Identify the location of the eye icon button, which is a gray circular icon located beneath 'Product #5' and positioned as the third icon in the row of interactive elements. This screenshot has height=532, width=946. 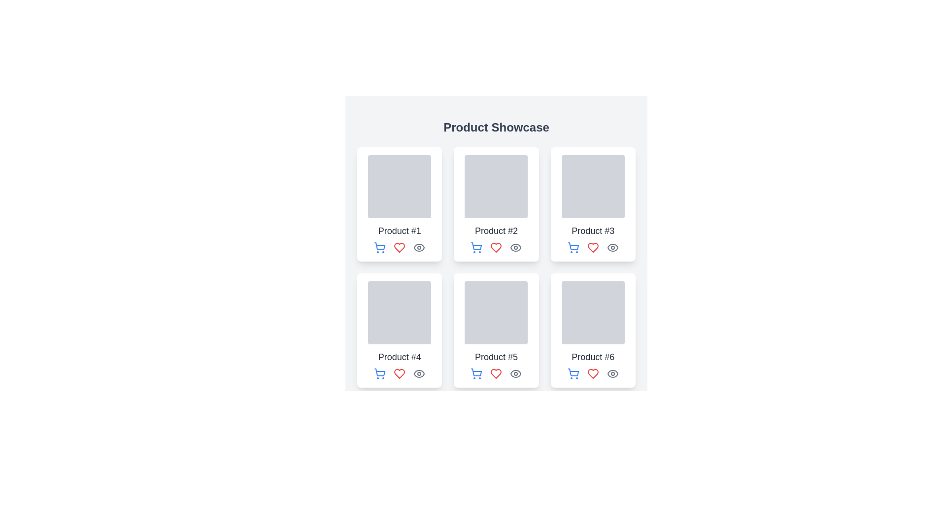
(515, 374).